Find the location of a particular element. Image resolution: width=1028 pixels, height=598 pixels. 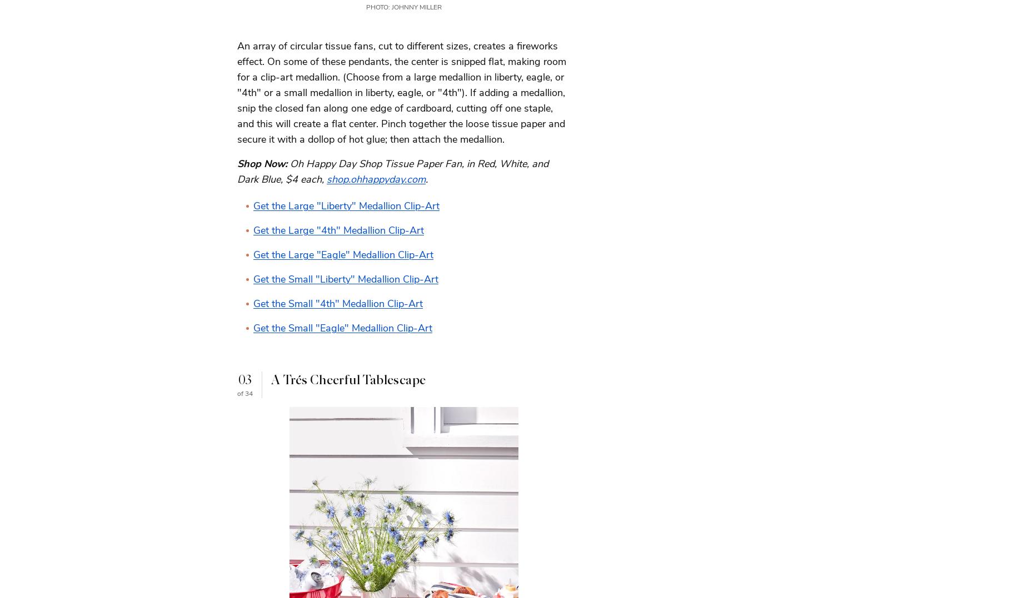

'An array of circular tissue fans, cut to different sizes, creates a fireworks effect. On some of these pendants, the center is snipped flat, making room for a clip-art medallion. (Choose from a large medallion in liberty, eagle, or "4th" or a small medallion in liberty, eagle, or "4th"). If adding a medallion, snip the closed fan along one edge of cardboard, cutting off one staple, and this will create a flat center. Pinch together the loose tissue paper and secure it with a dollop of hot glue; then attach the medallion.' is located at coordinates (401, 92).